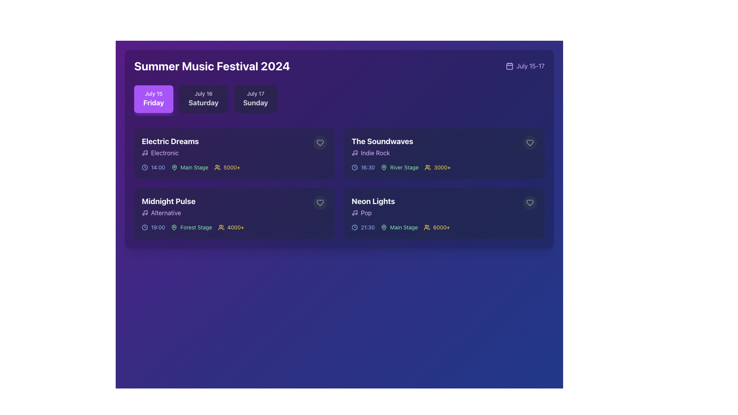  What do you see at coordinates (442, 167) in the screenshot?
I see `the text label displaying '3000+' in bold yellow color, located in the right section of the second row of blocks` at bounding box center [442, 167].